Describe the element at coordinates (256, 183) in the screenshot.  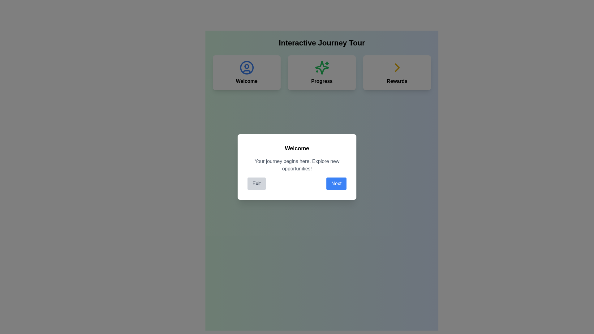
I see `the 'Exit' button, which is a rectangular button with rounded corners and a gray background located in the modal dialog box` at that location.